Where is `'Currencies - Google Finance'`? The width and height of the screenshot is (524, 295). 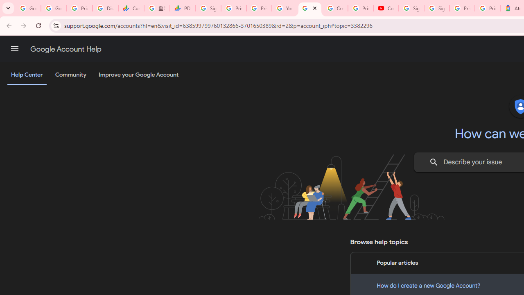
'Currencies - Google Finance' is located at coordinates (131, 8).